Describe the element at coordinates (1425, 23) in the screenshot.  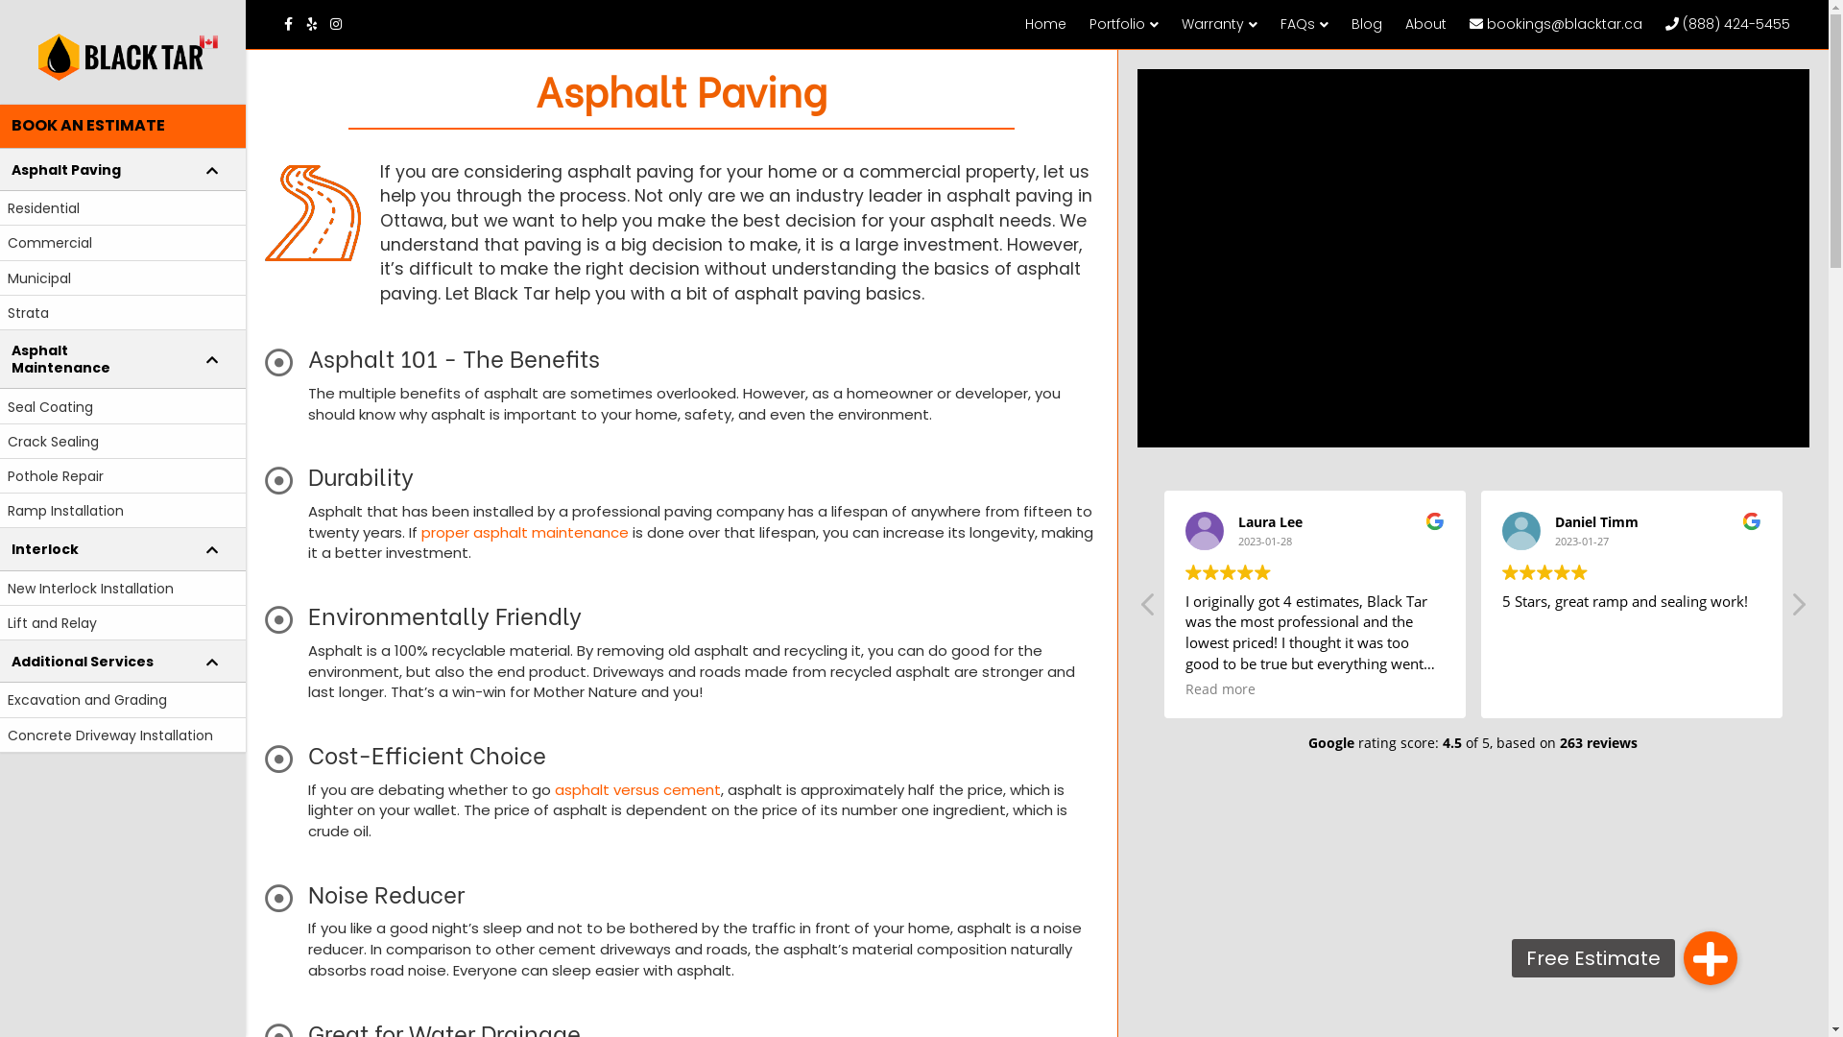
I see `'About'` at that location.